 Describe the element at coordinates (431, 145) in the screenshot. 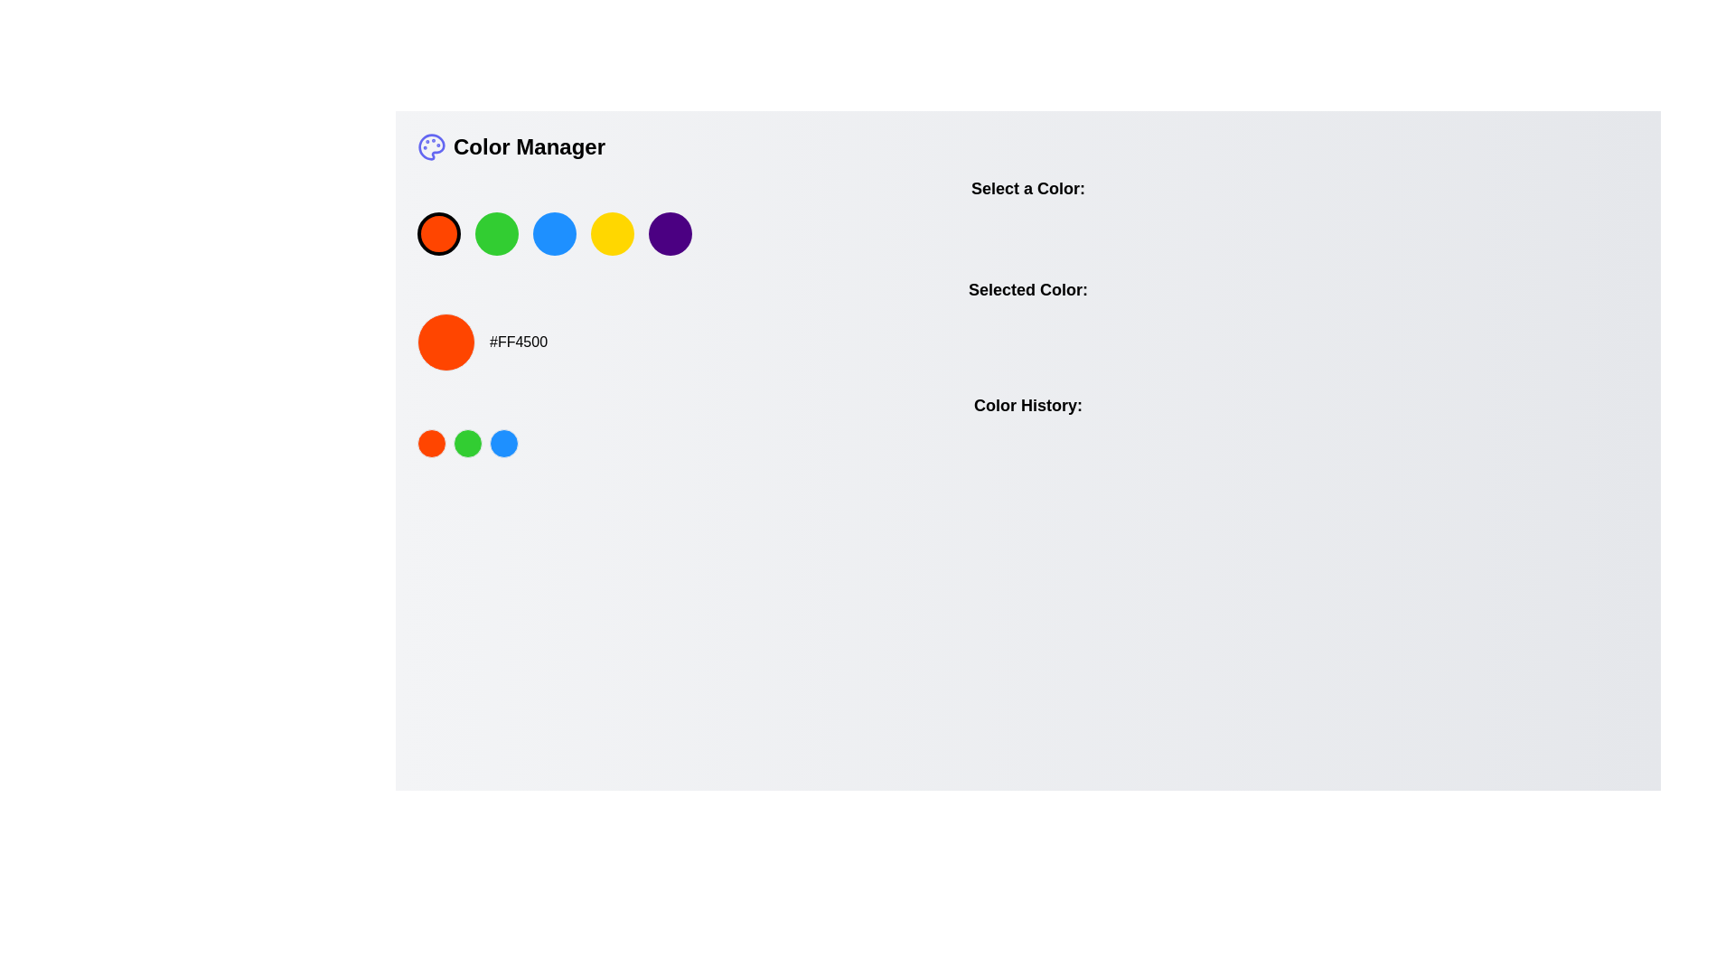

I see `the Color Manager icon, which resembles an artist's palette and is located in the top-left corner of the interface before the 'Color Manager' text label` at that location.